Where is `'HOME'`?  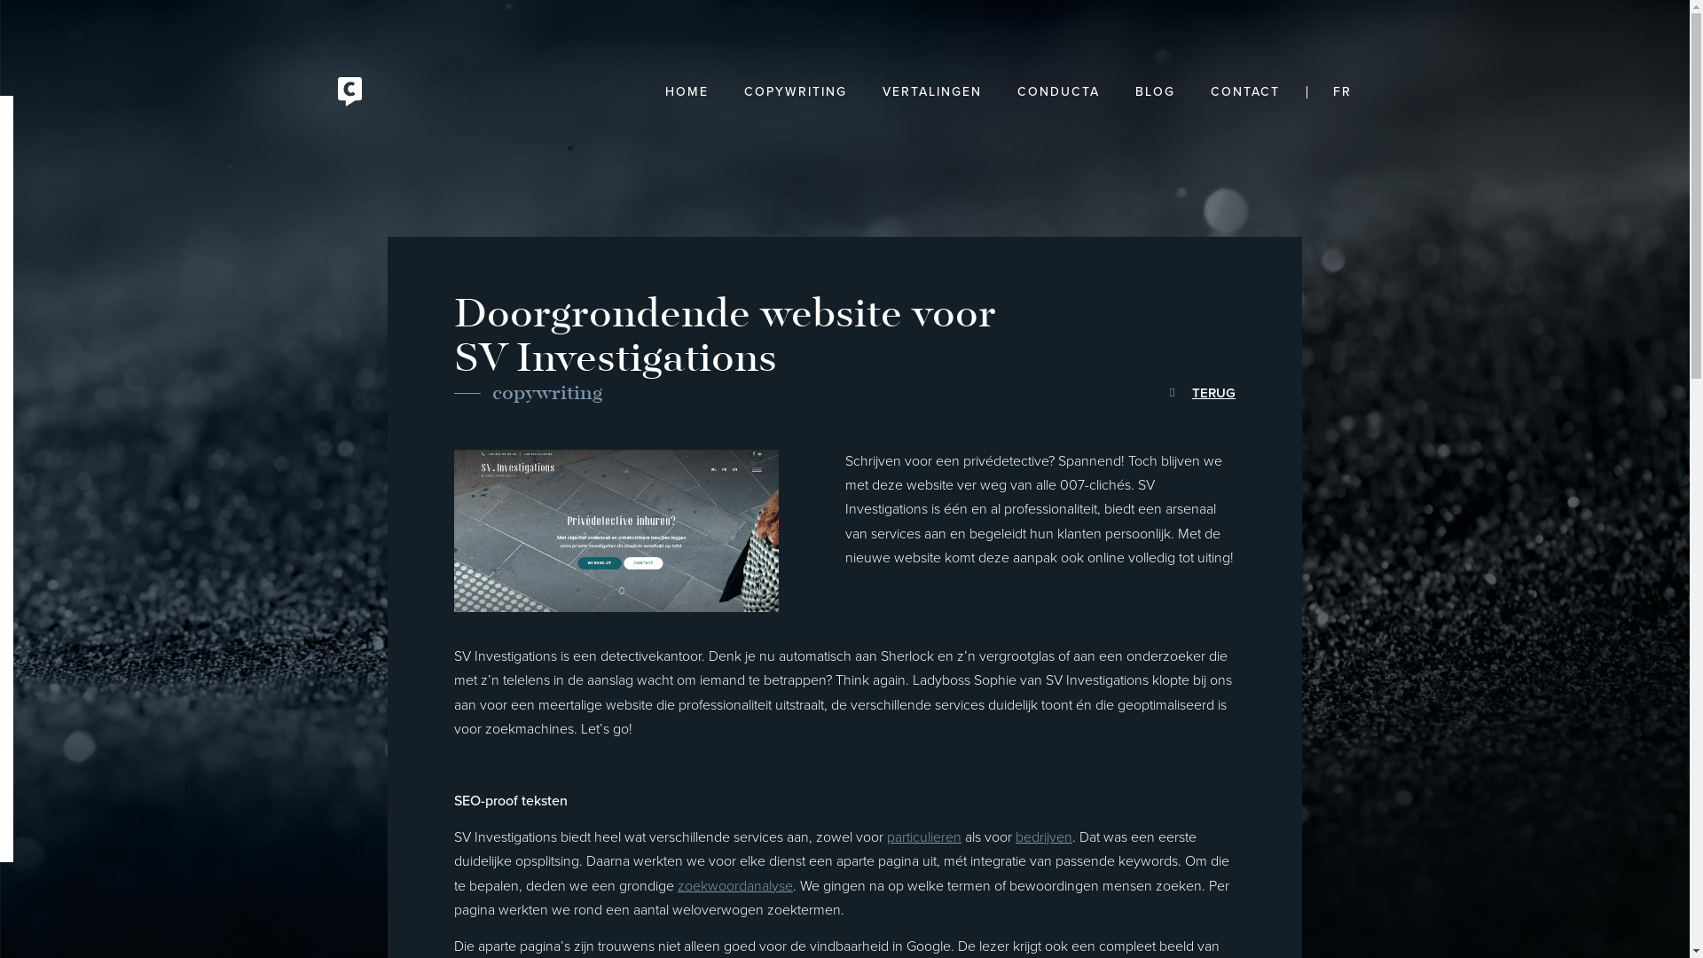 'HOME' is located at coordinates (686, 91).